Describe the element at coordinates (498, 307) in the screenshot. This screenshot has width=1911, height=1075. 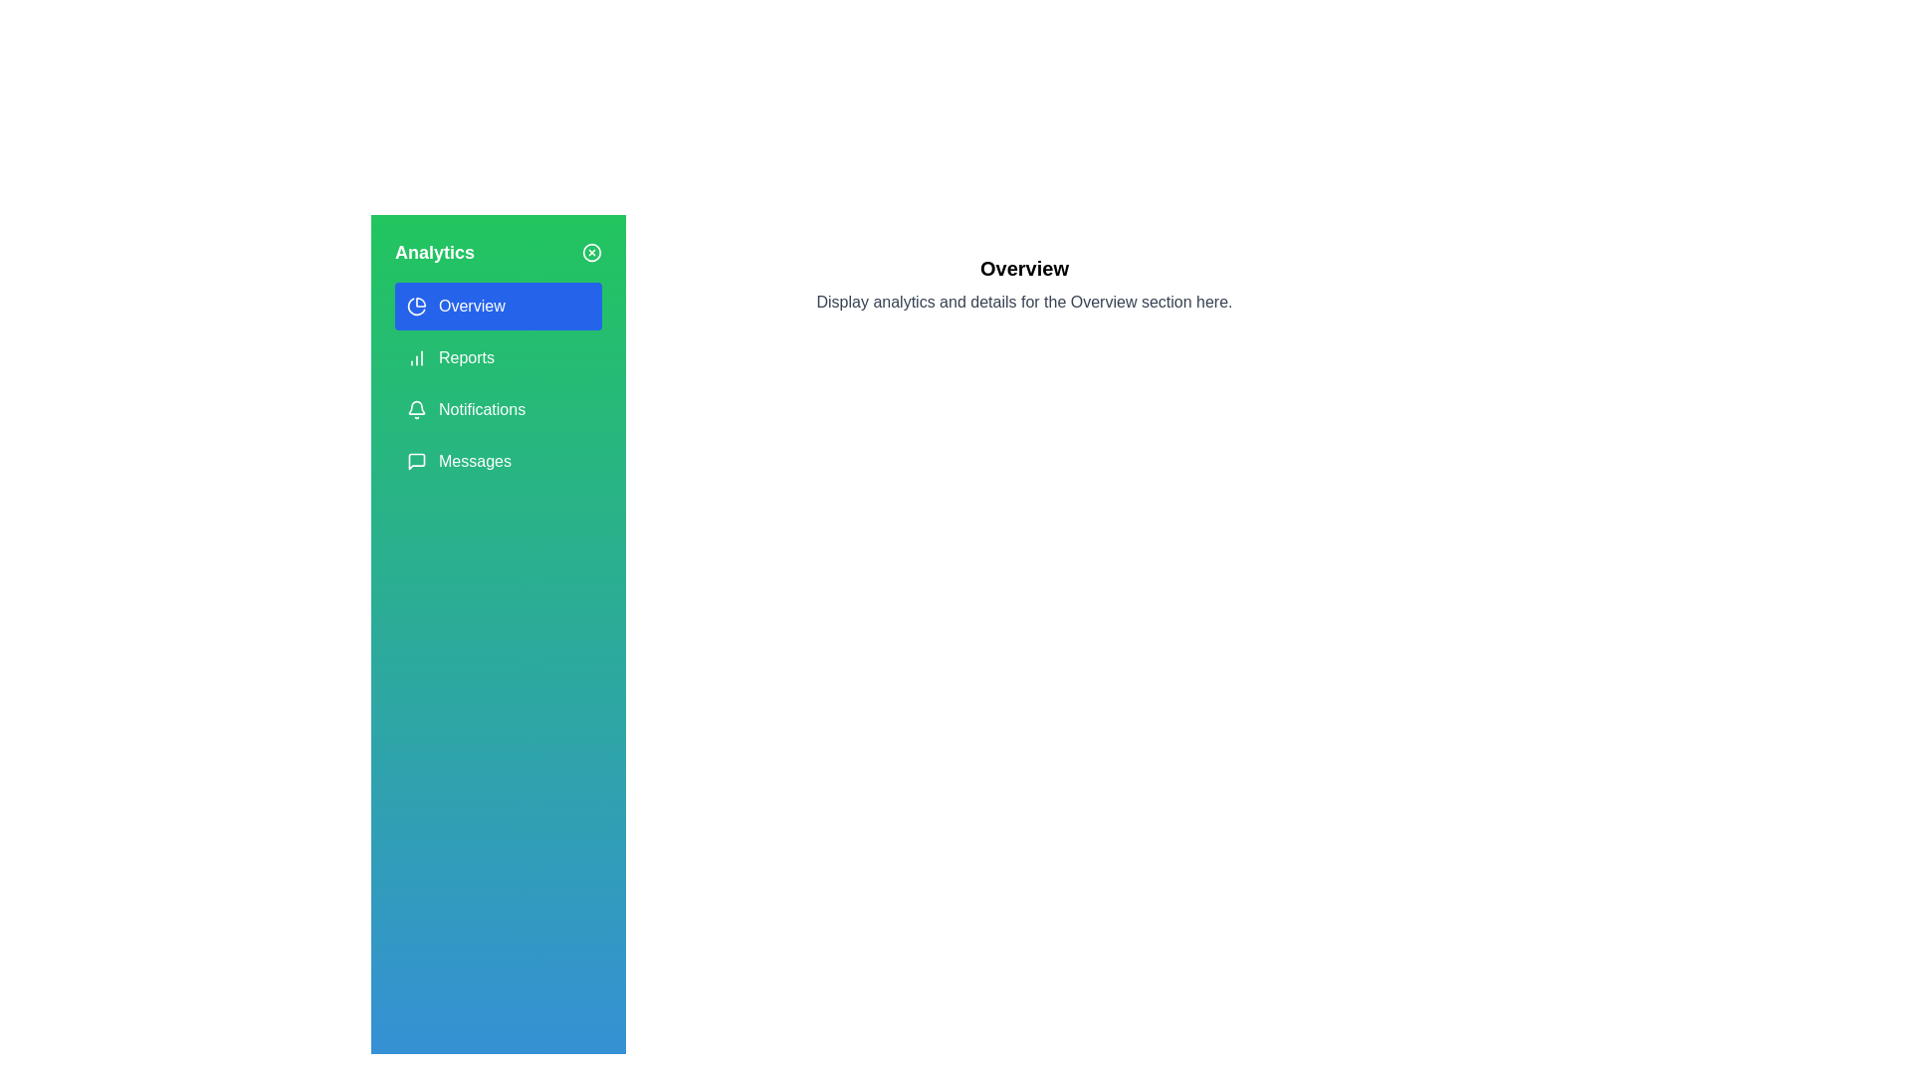
I see `the menu option corresponding to Overview` at that location.